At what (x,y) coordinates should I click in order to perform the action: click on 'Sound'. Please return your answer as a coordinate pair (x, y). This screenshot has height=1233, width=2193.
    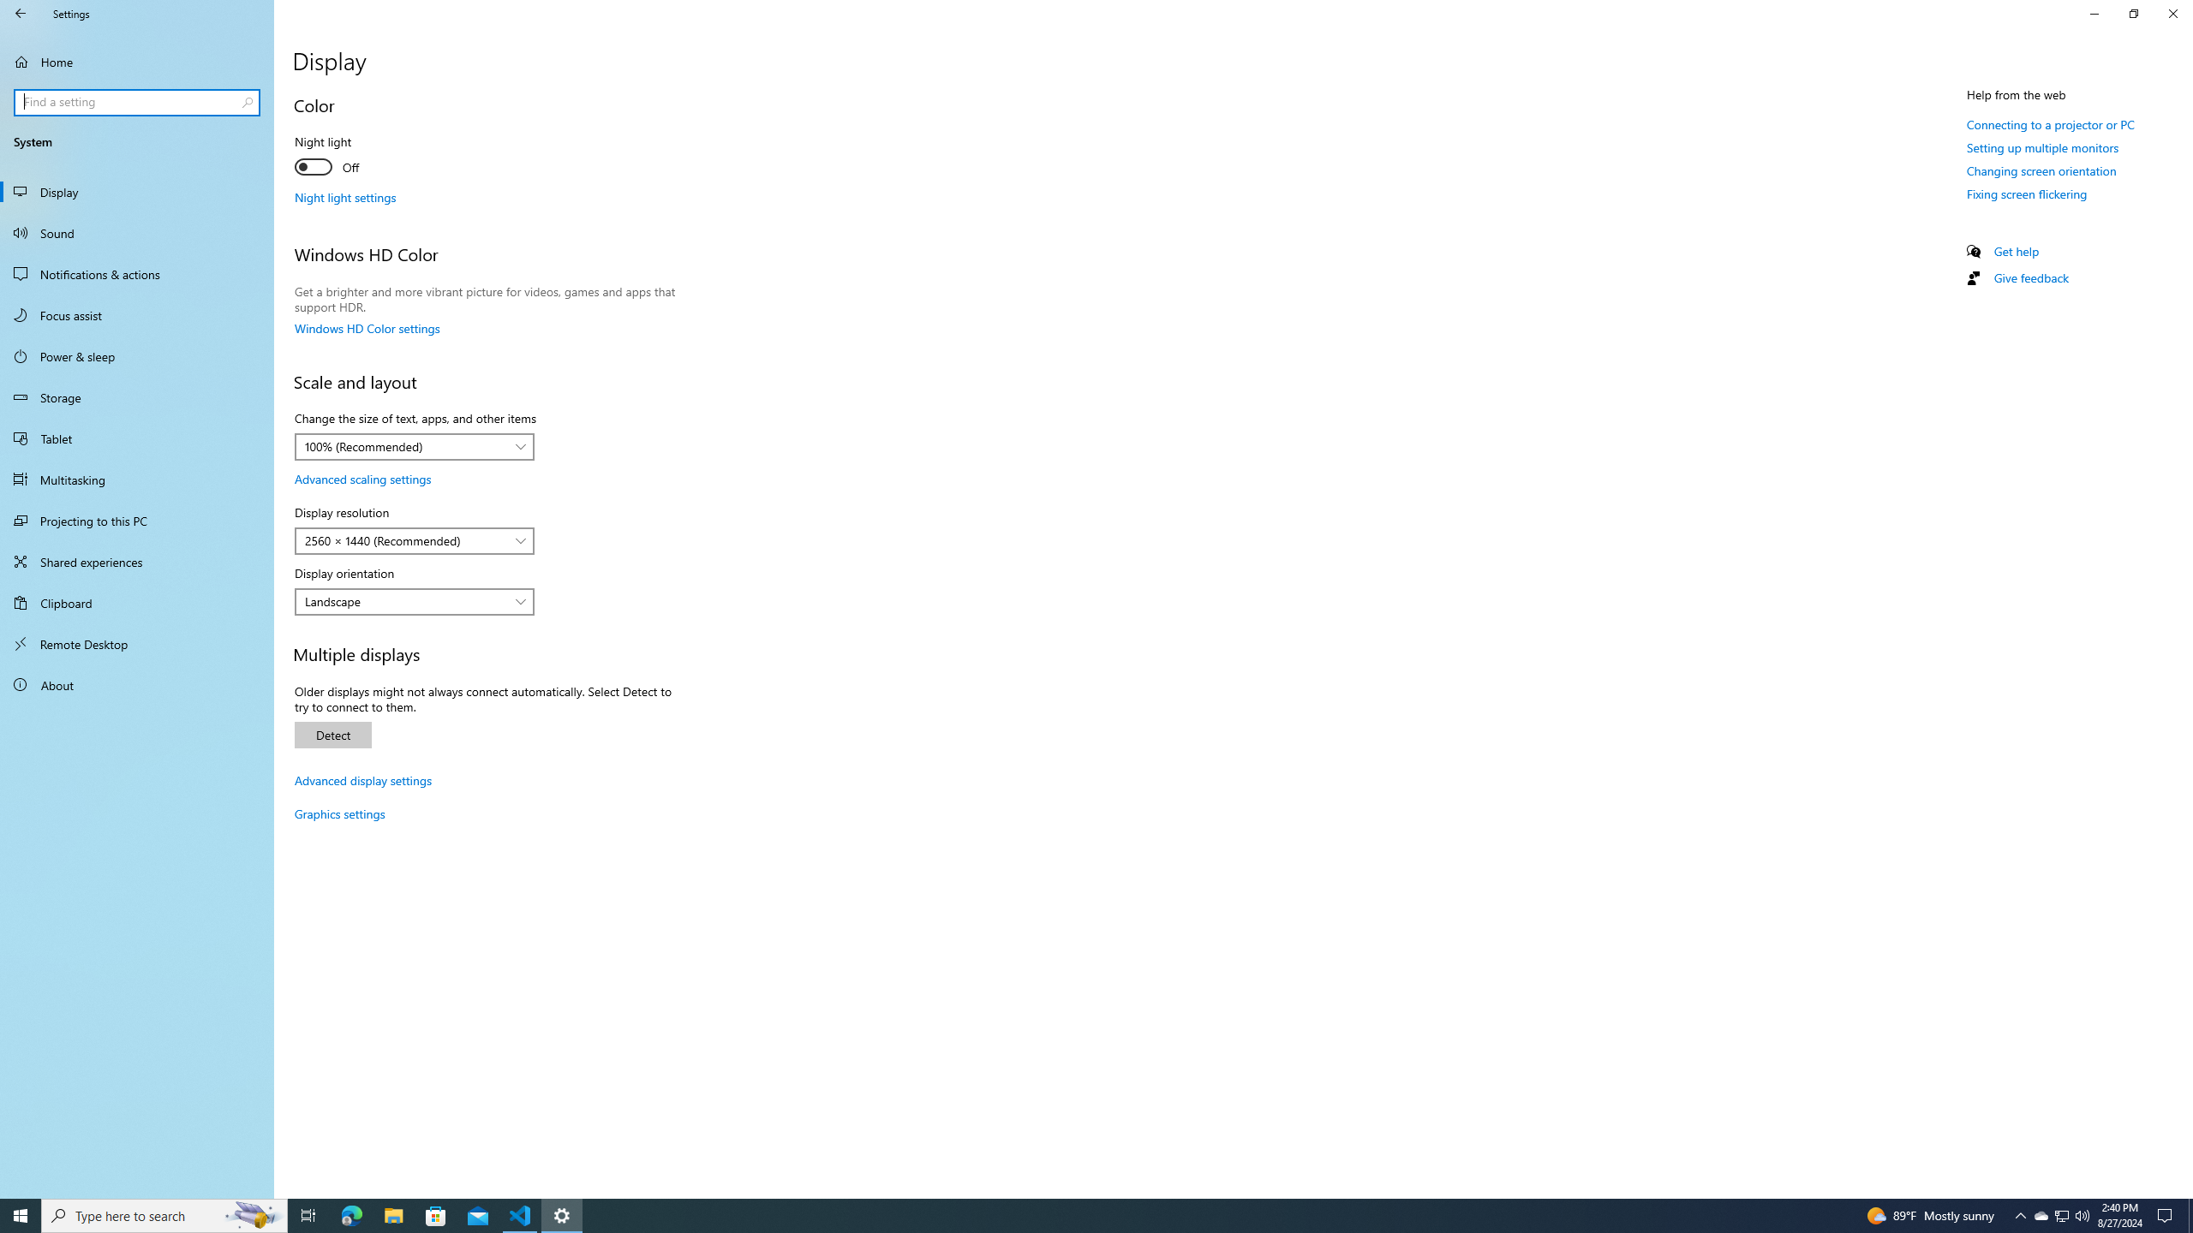
    Looking at the image, I should click on (136, 232).